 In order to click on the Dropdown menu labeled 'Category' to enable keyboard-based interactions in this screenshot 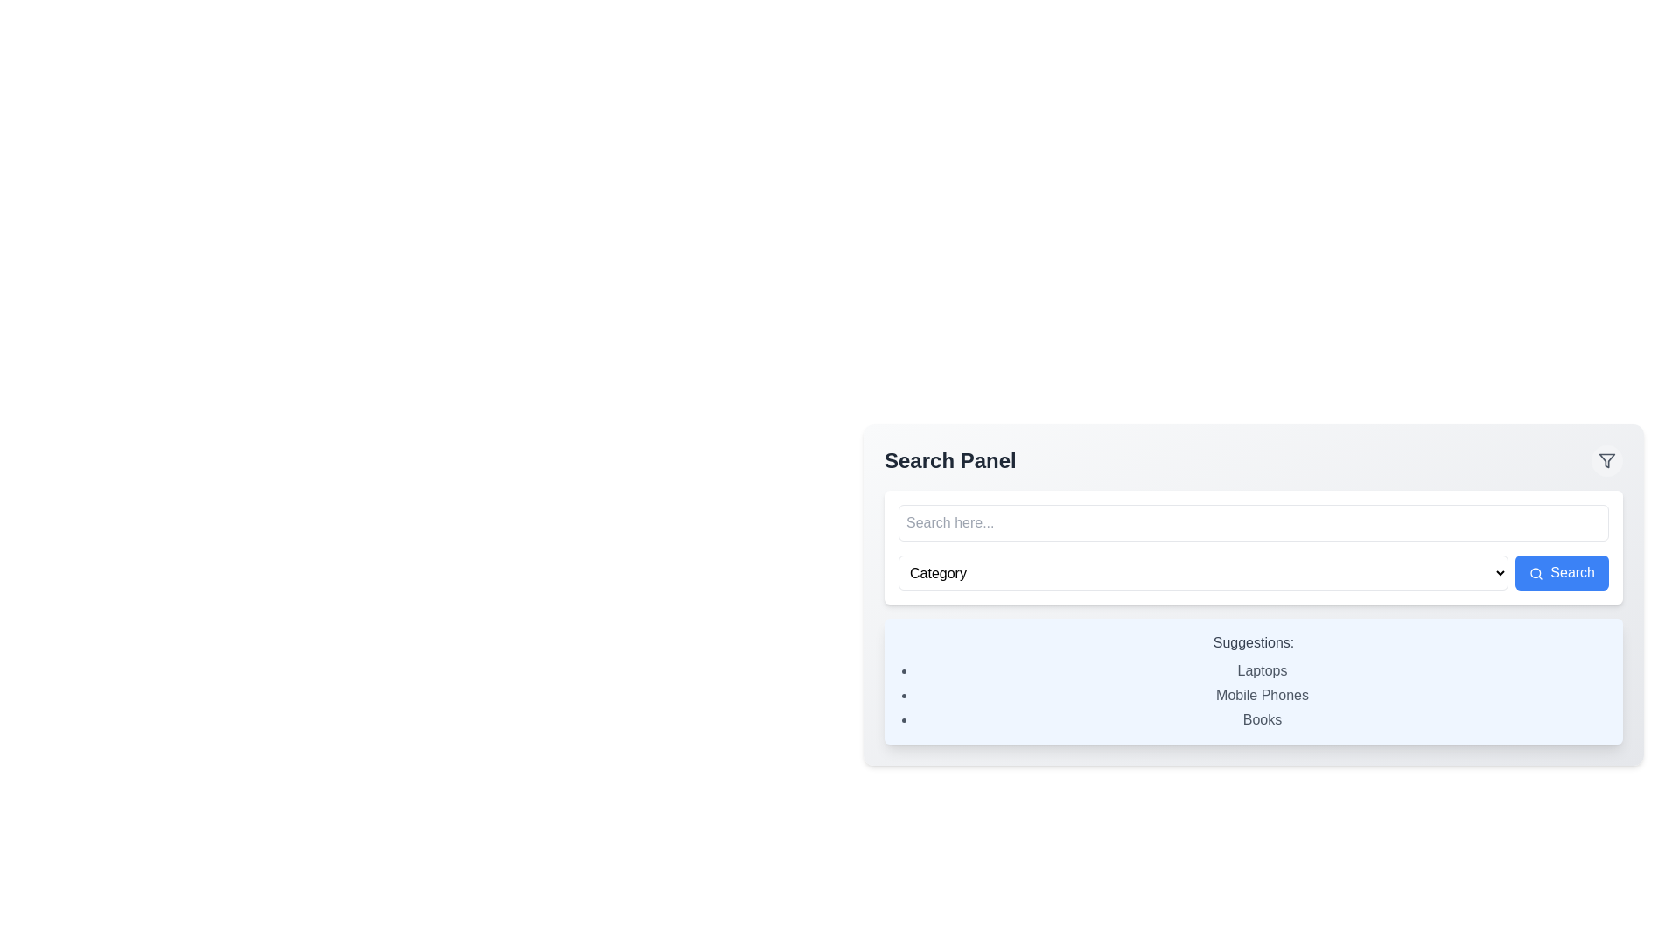, I will do `click(1201, 573)`.